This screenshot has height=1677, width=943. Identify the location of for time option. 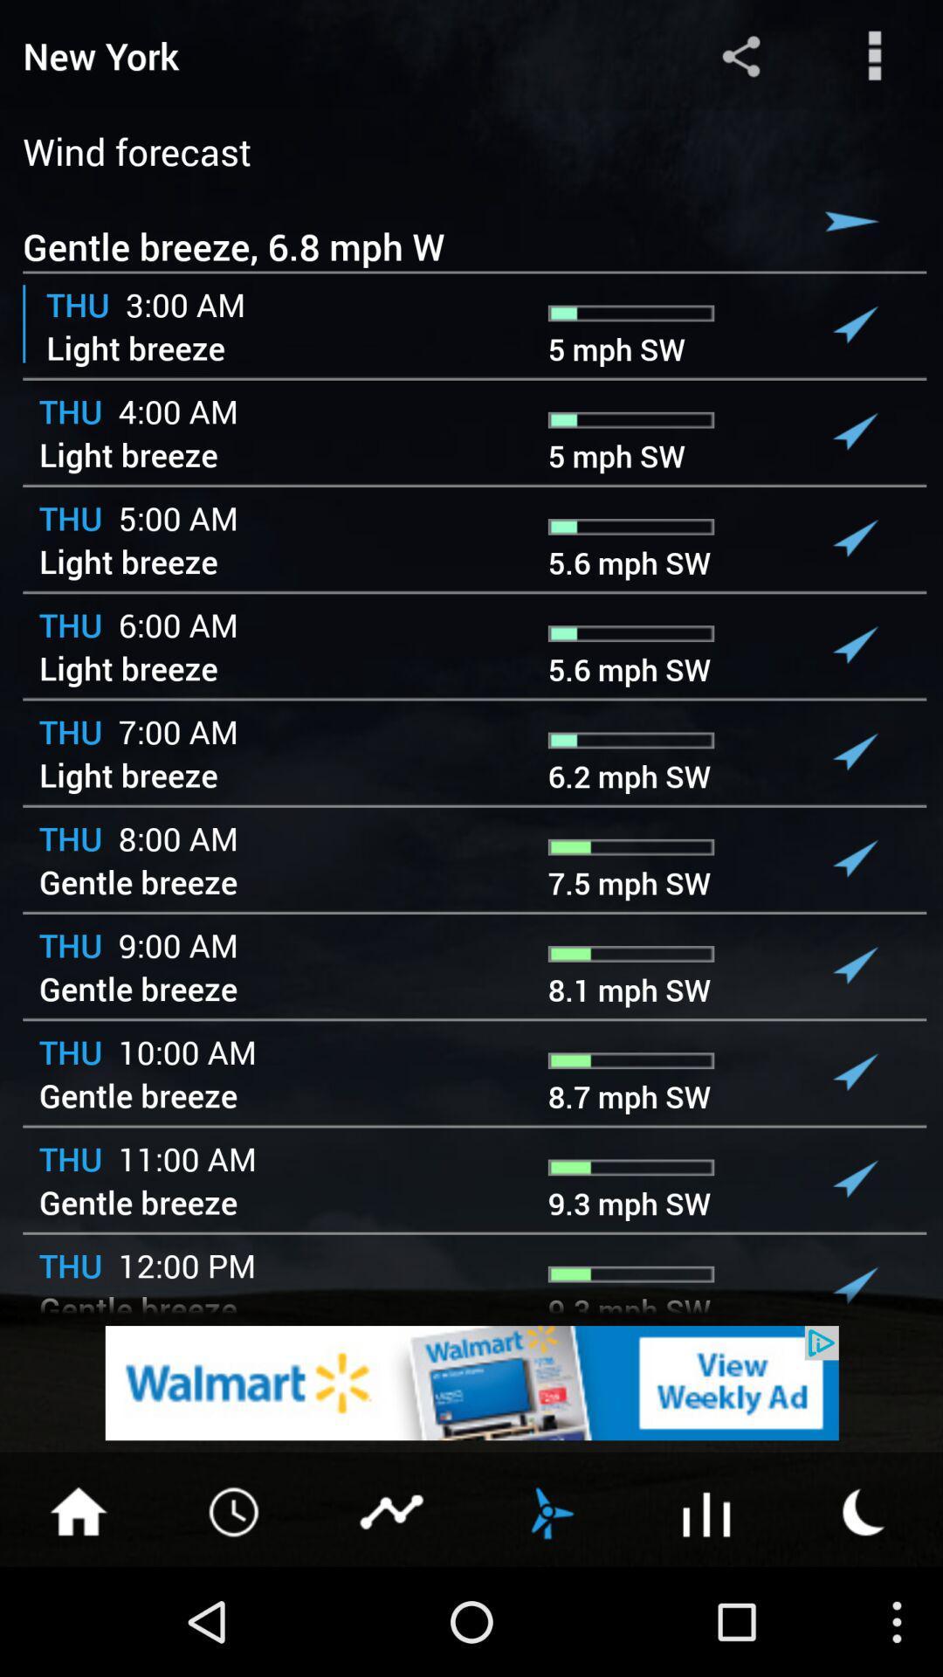
(236, 1509).